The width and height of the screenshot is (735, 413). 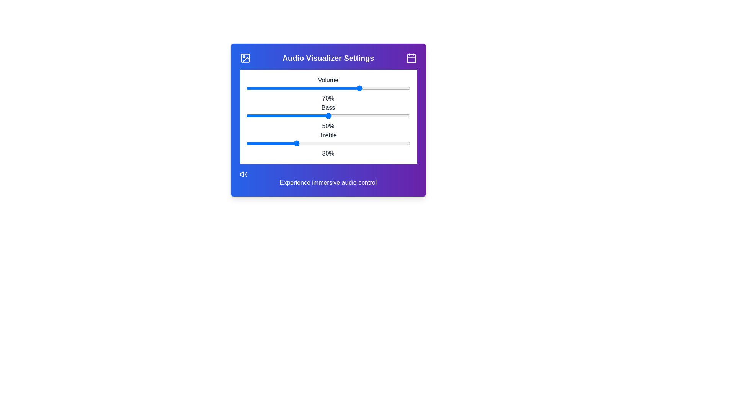 I want to click on the bass slider to set the bass level to 61%, so click(x=346, y=116).